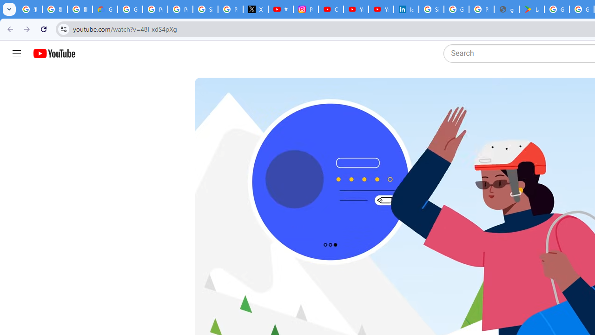 The height and width of the screenshot is (335, 595). I want to click on 'YouTube Culture & Trends - YouTube Top 10, 2021', so click(381, 9).